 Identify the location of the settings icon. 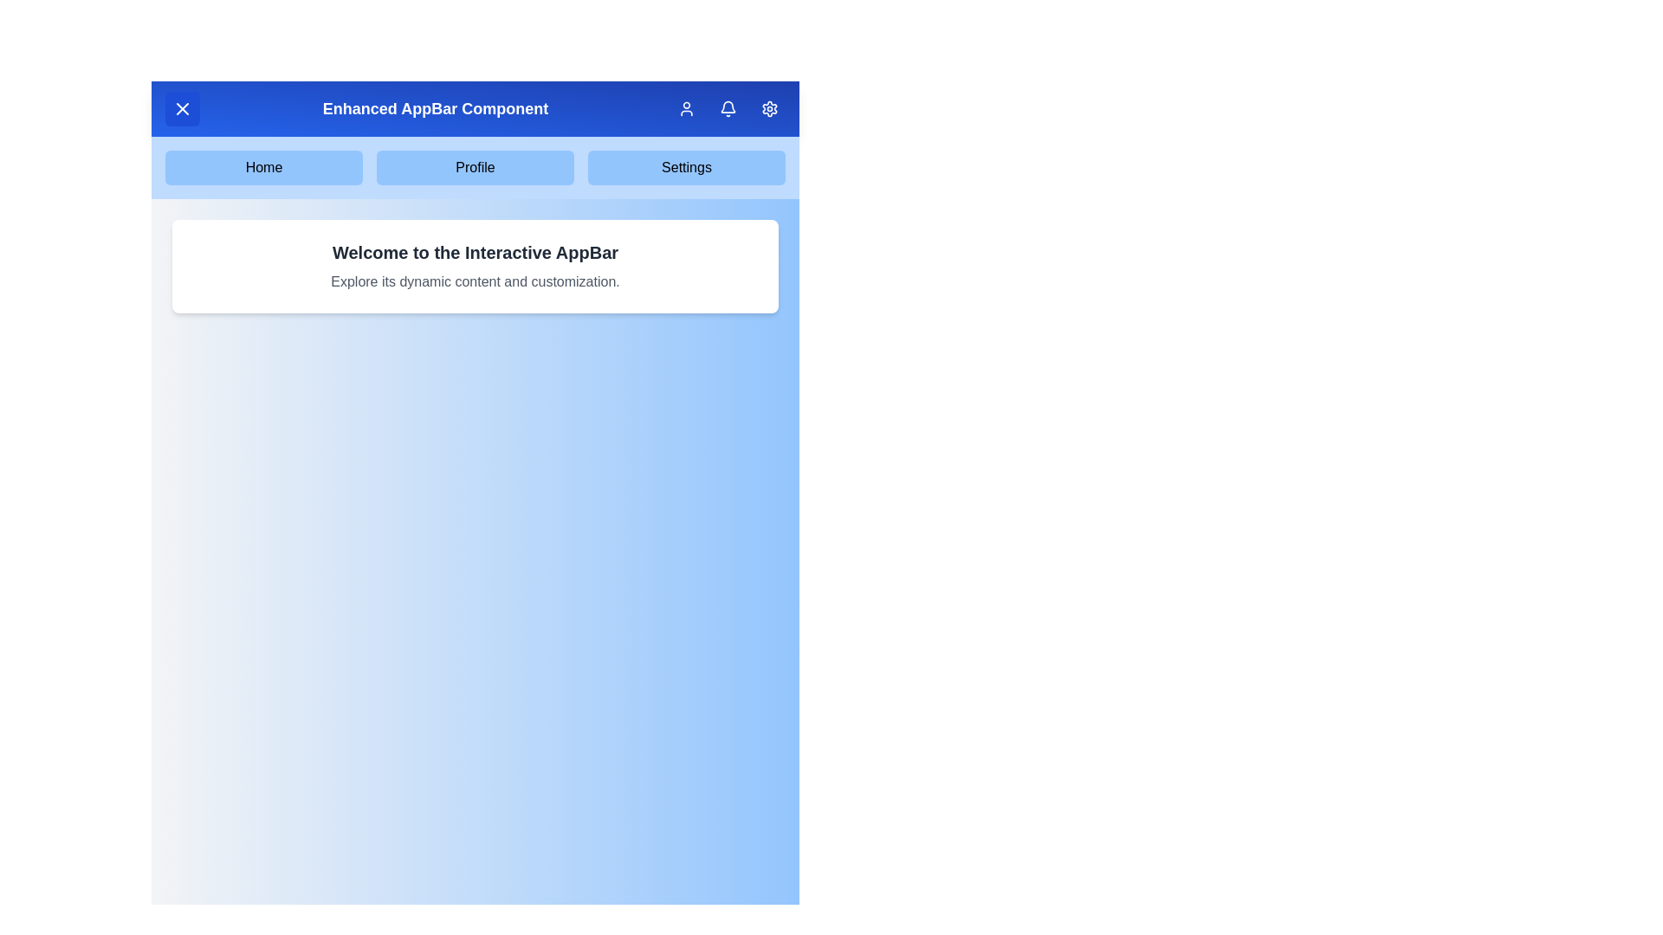
(768, 109).